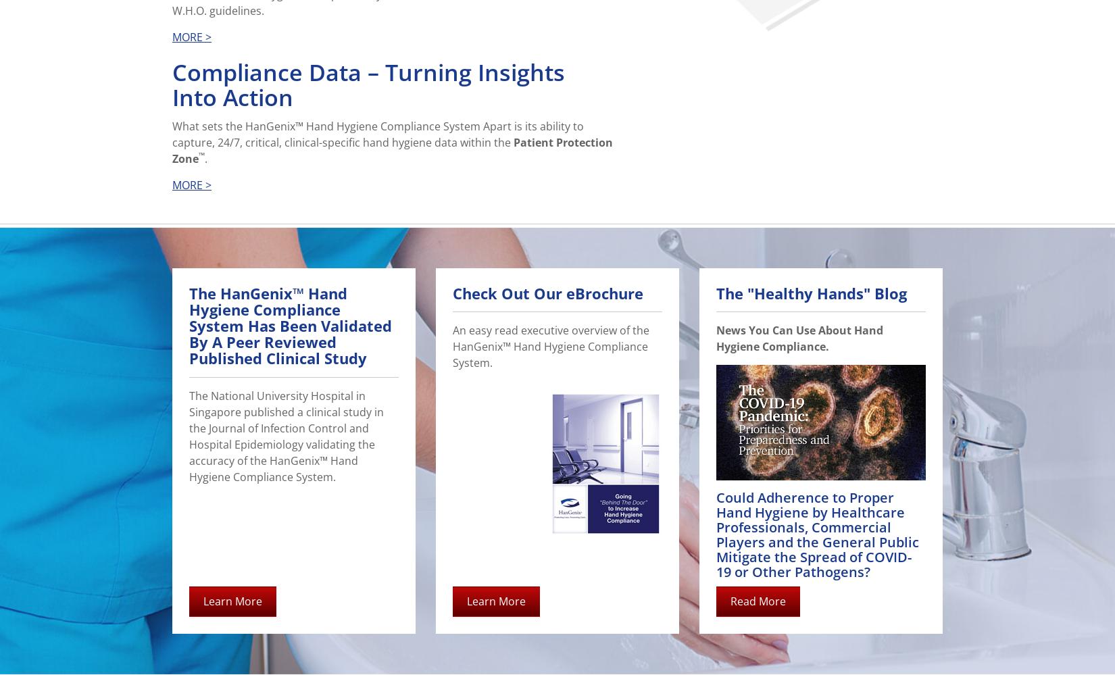 Image resolution: width=1115 pixels, height=675 pixels. Describe the element at coordinates (452, 291) in the screenshot. I see `'Check Out Our eBrochure'` at that location.